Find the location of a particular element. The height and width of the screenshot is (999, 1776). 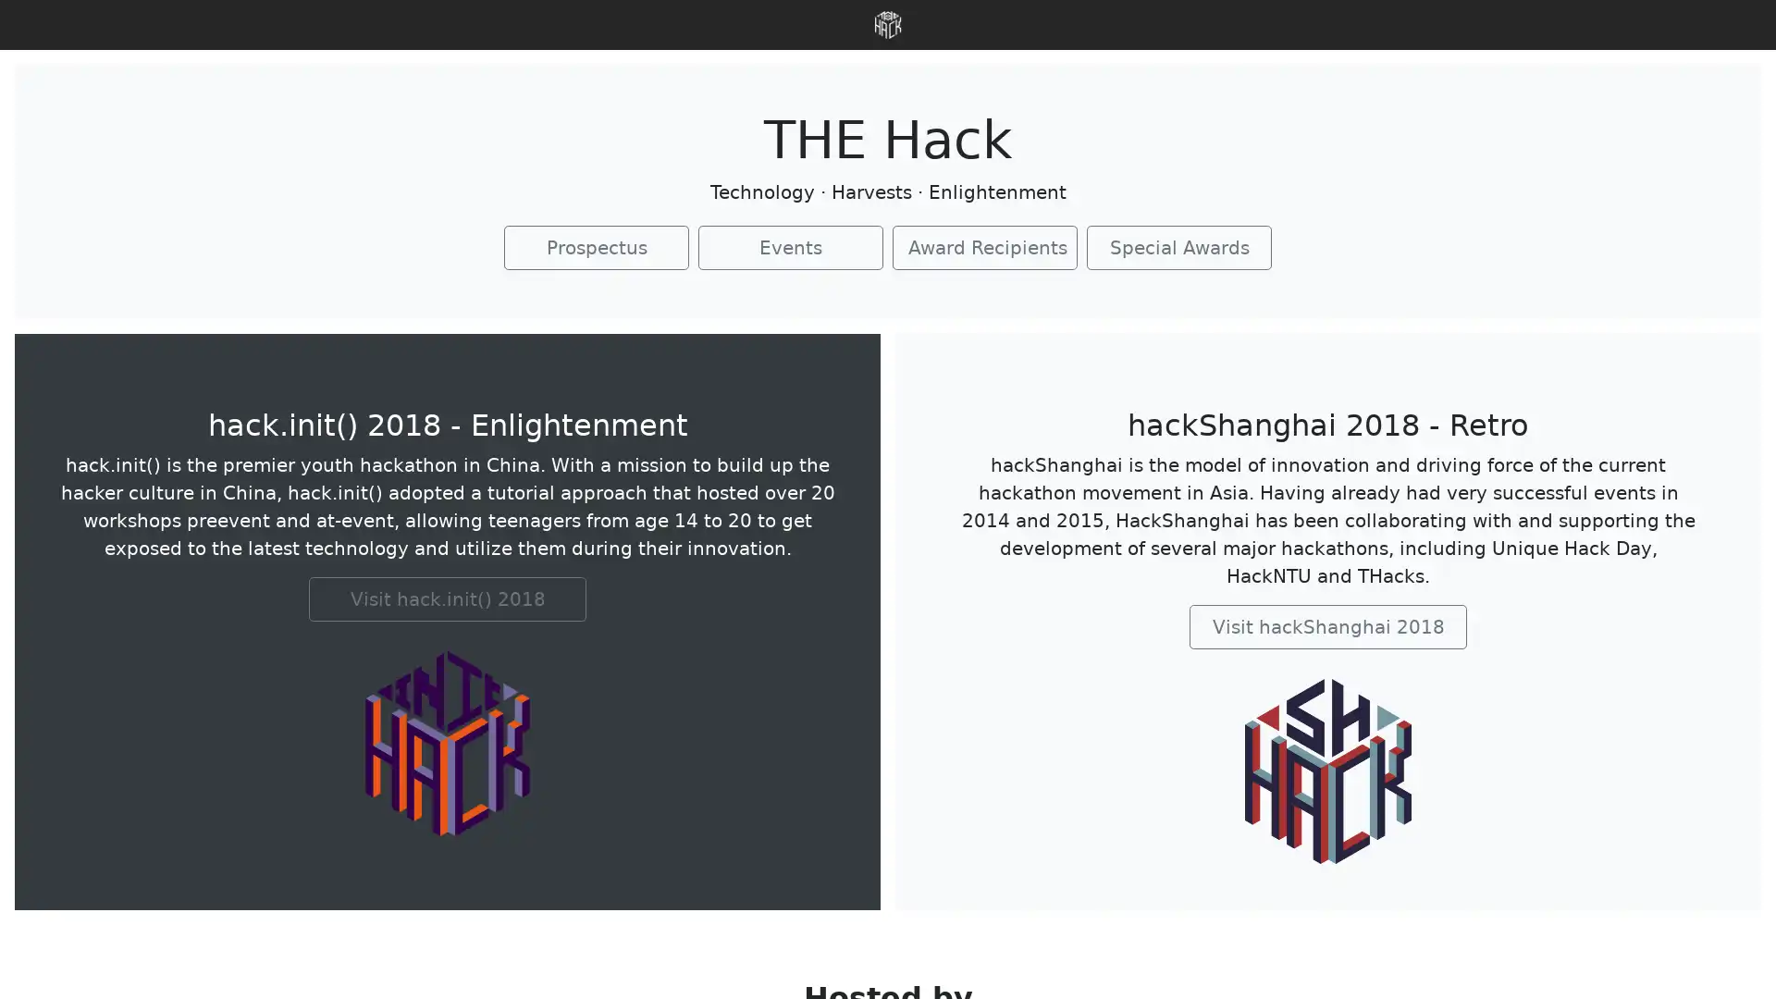

Visit hack.init() 2018 is located at coordinates (448, 598).